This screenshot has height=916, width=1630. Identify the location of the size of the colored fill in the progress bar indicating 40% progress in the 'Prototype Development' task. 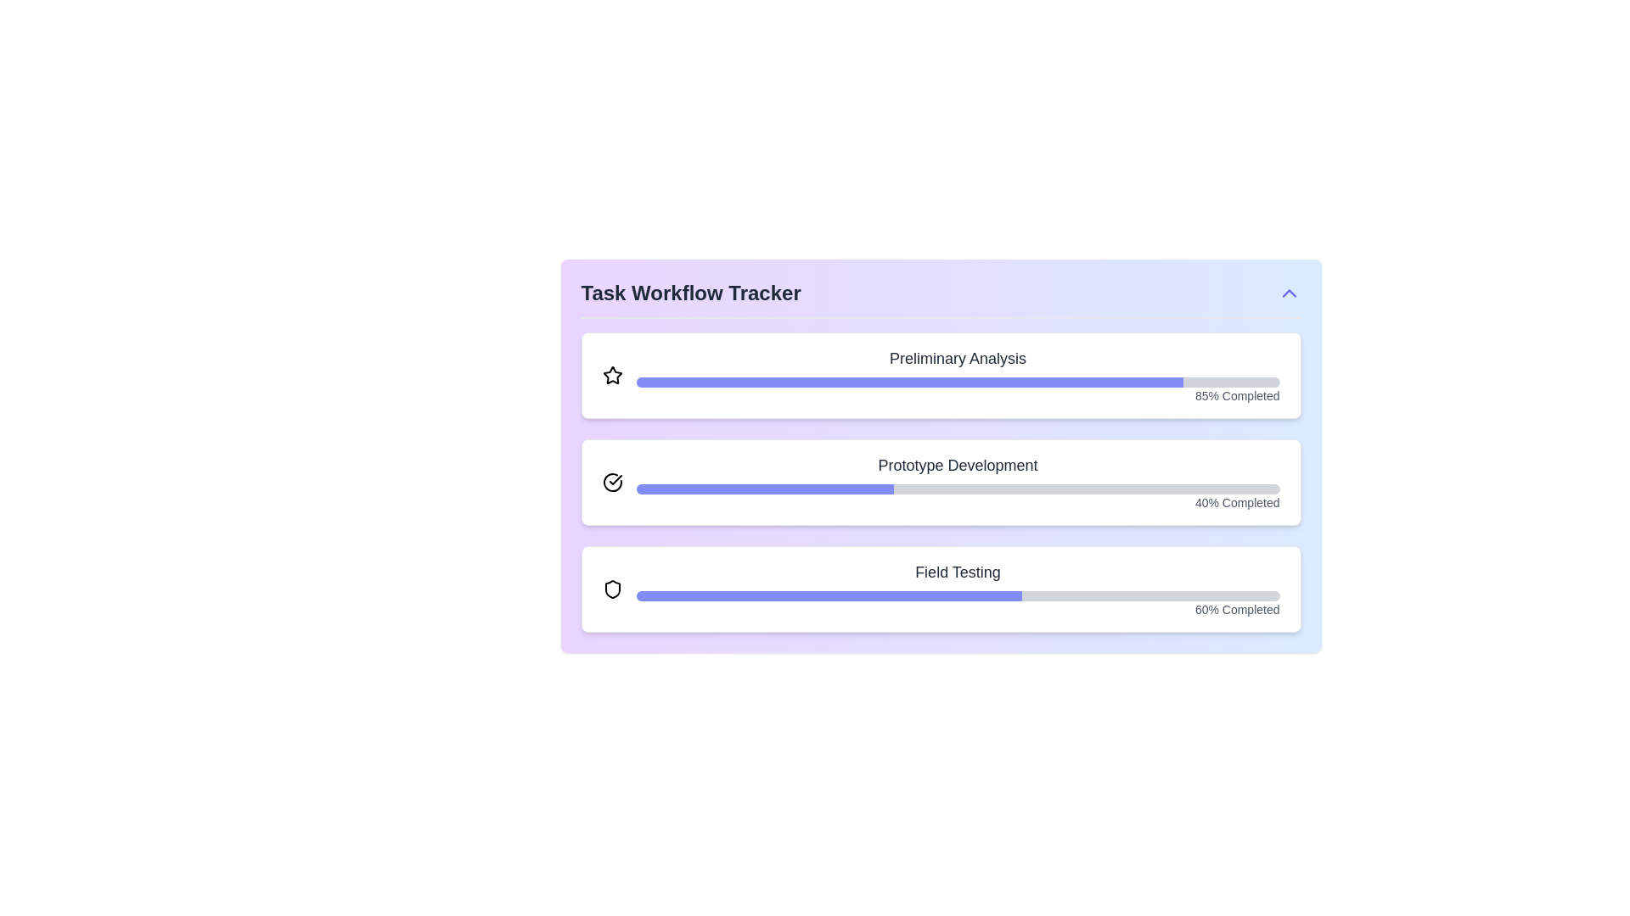
(764, 489).